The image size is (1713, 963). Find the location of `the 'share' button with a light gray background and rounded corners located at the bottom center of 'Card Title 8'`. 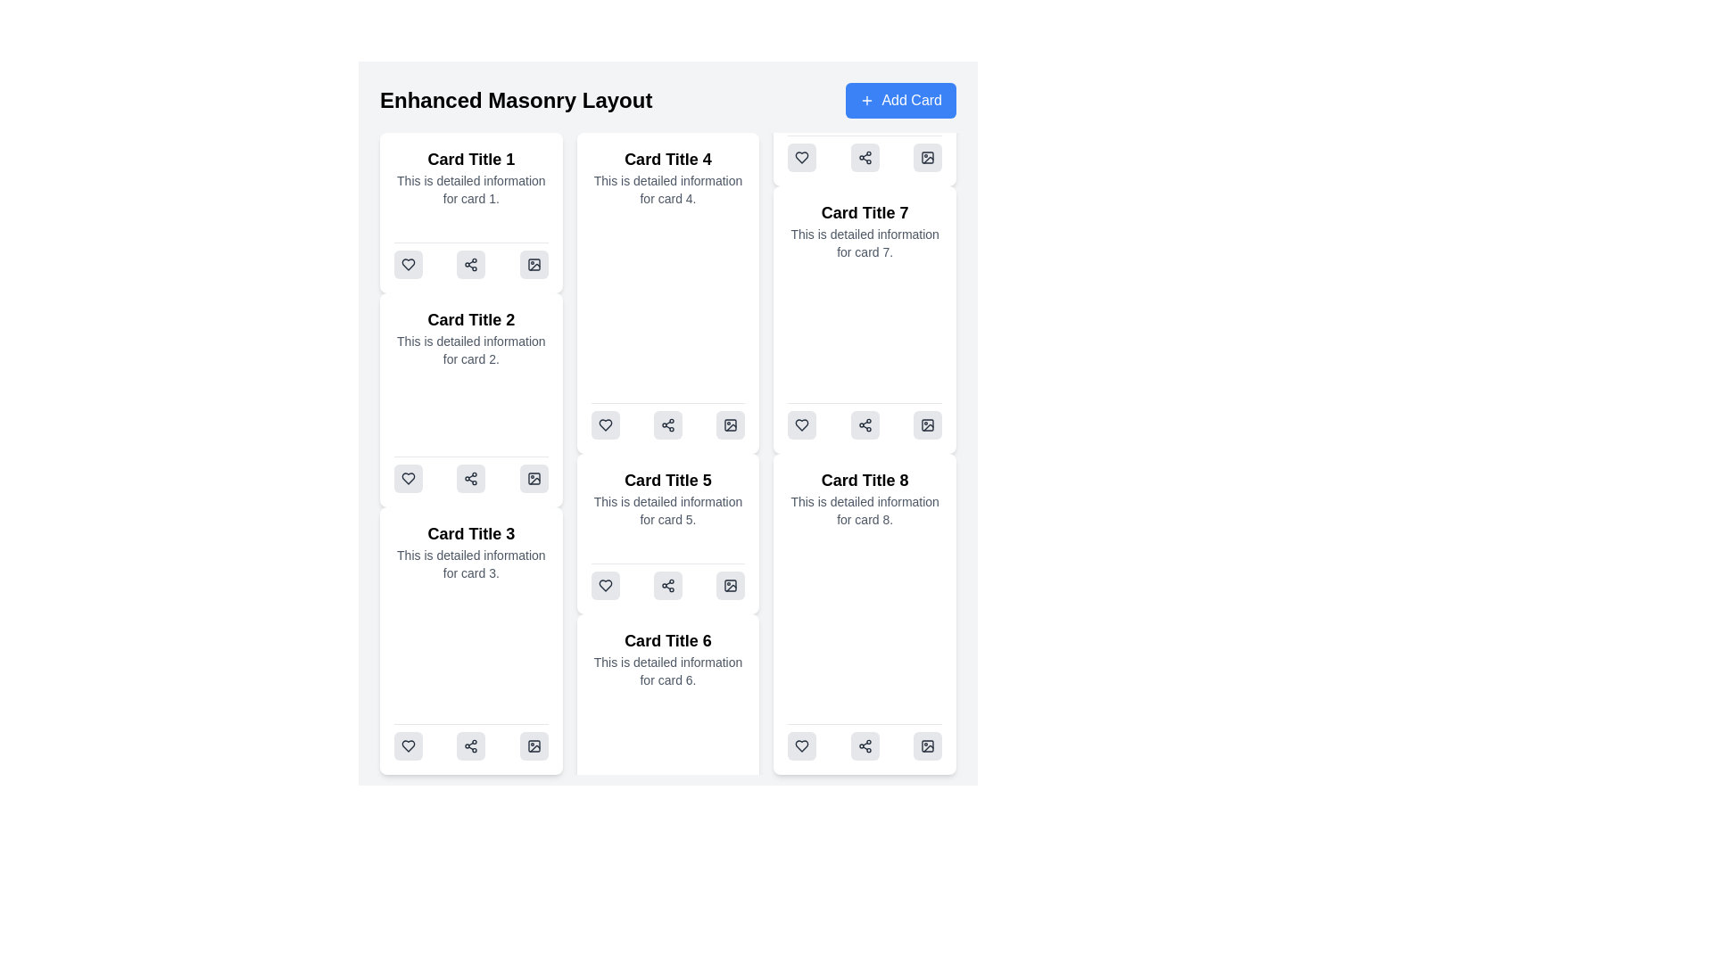

the 'share' button with a light gray background and rounded corners located at the bottom center of 'Card Title 8' is located at coordinates (865, 746).